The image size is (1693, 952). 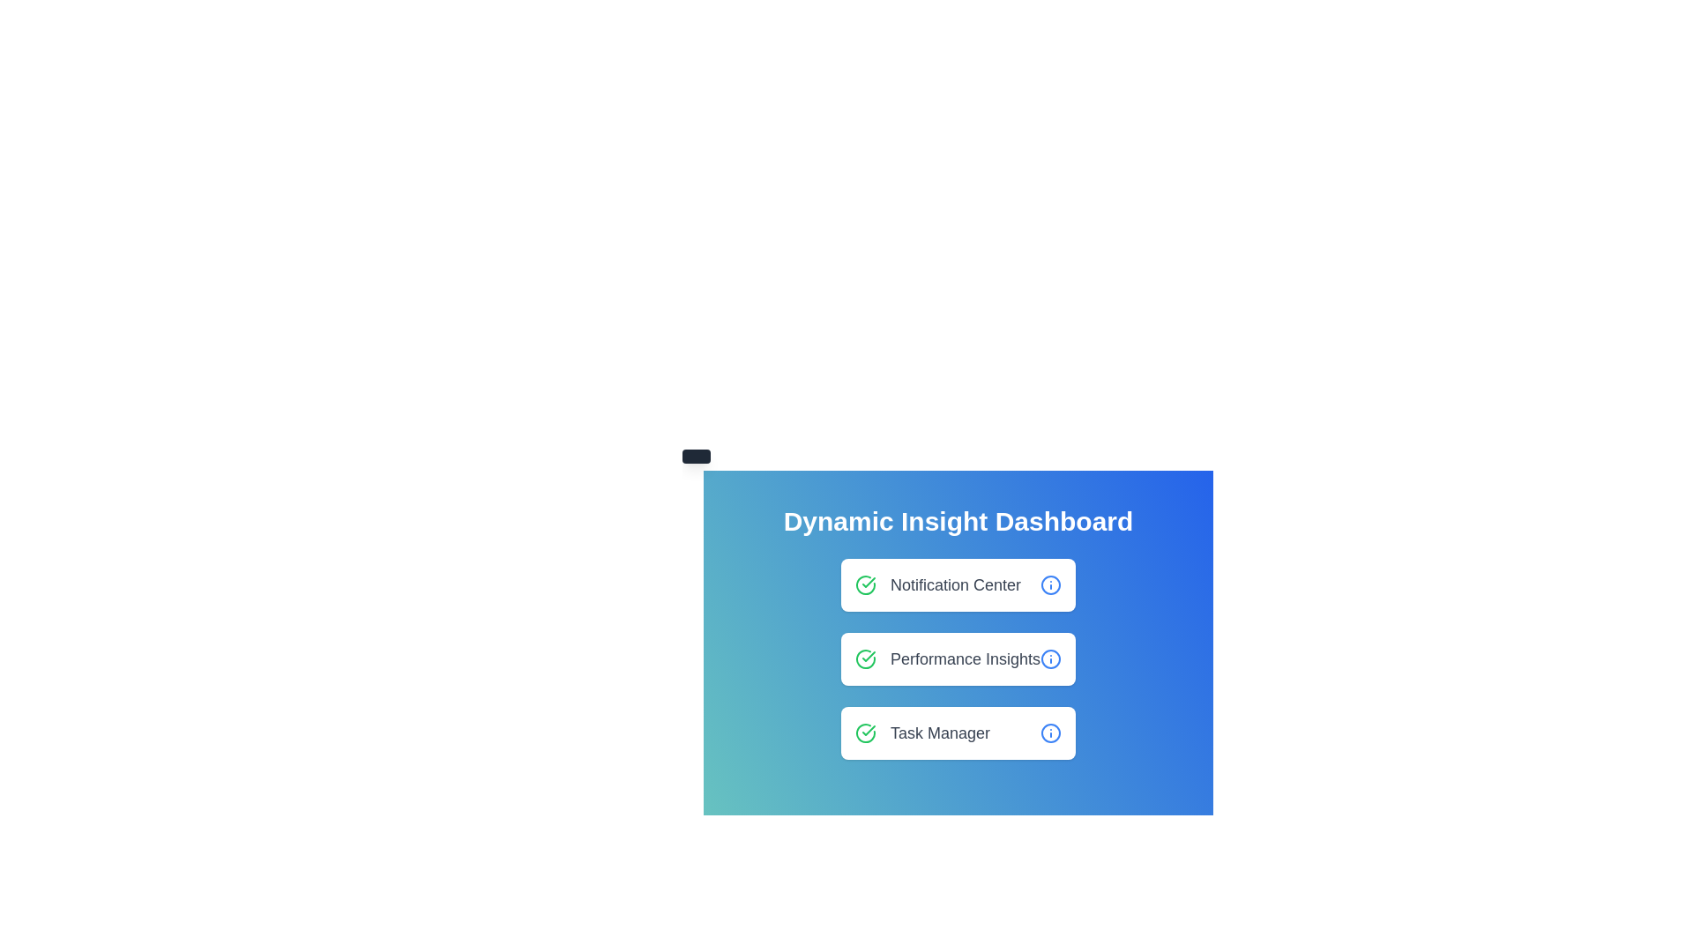 I want to click on text content of the 'Notification Center' label, which is the first item in a list within a white rounded rectangle box below the 'Dynamic Insight Dashboard' heading, so click(x=937, y=584).